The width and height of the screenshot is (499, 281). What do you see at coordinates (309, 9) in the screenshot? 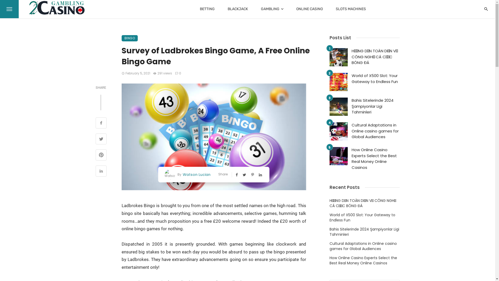
I see `'ONLINE CASINO'` at bounding box center [309, 9].